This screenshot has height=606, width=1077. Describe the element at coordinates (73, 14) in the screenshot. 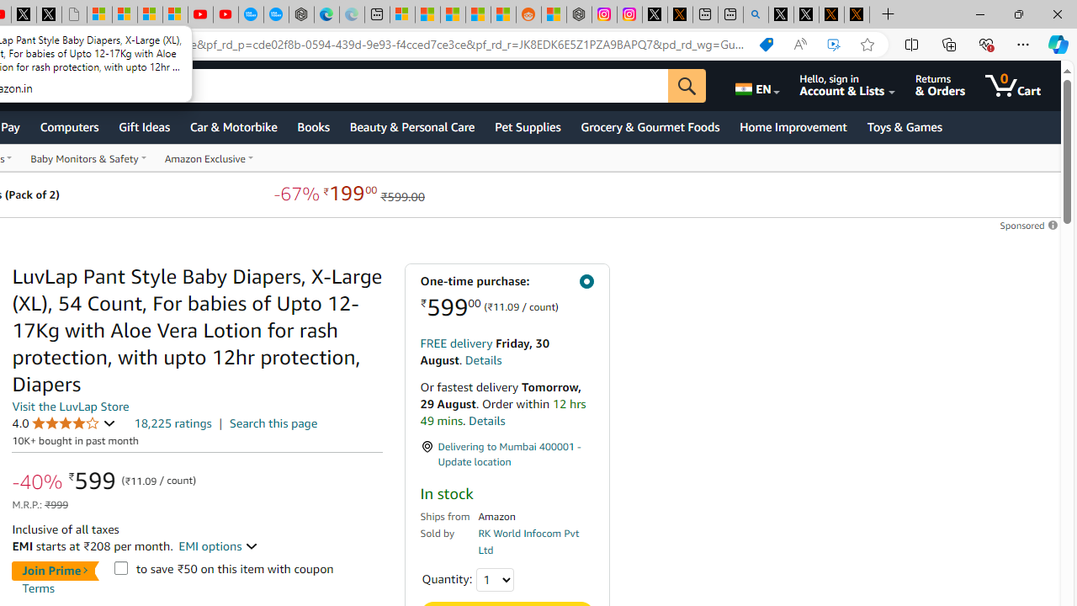

I see `'Untitled'` at that location.